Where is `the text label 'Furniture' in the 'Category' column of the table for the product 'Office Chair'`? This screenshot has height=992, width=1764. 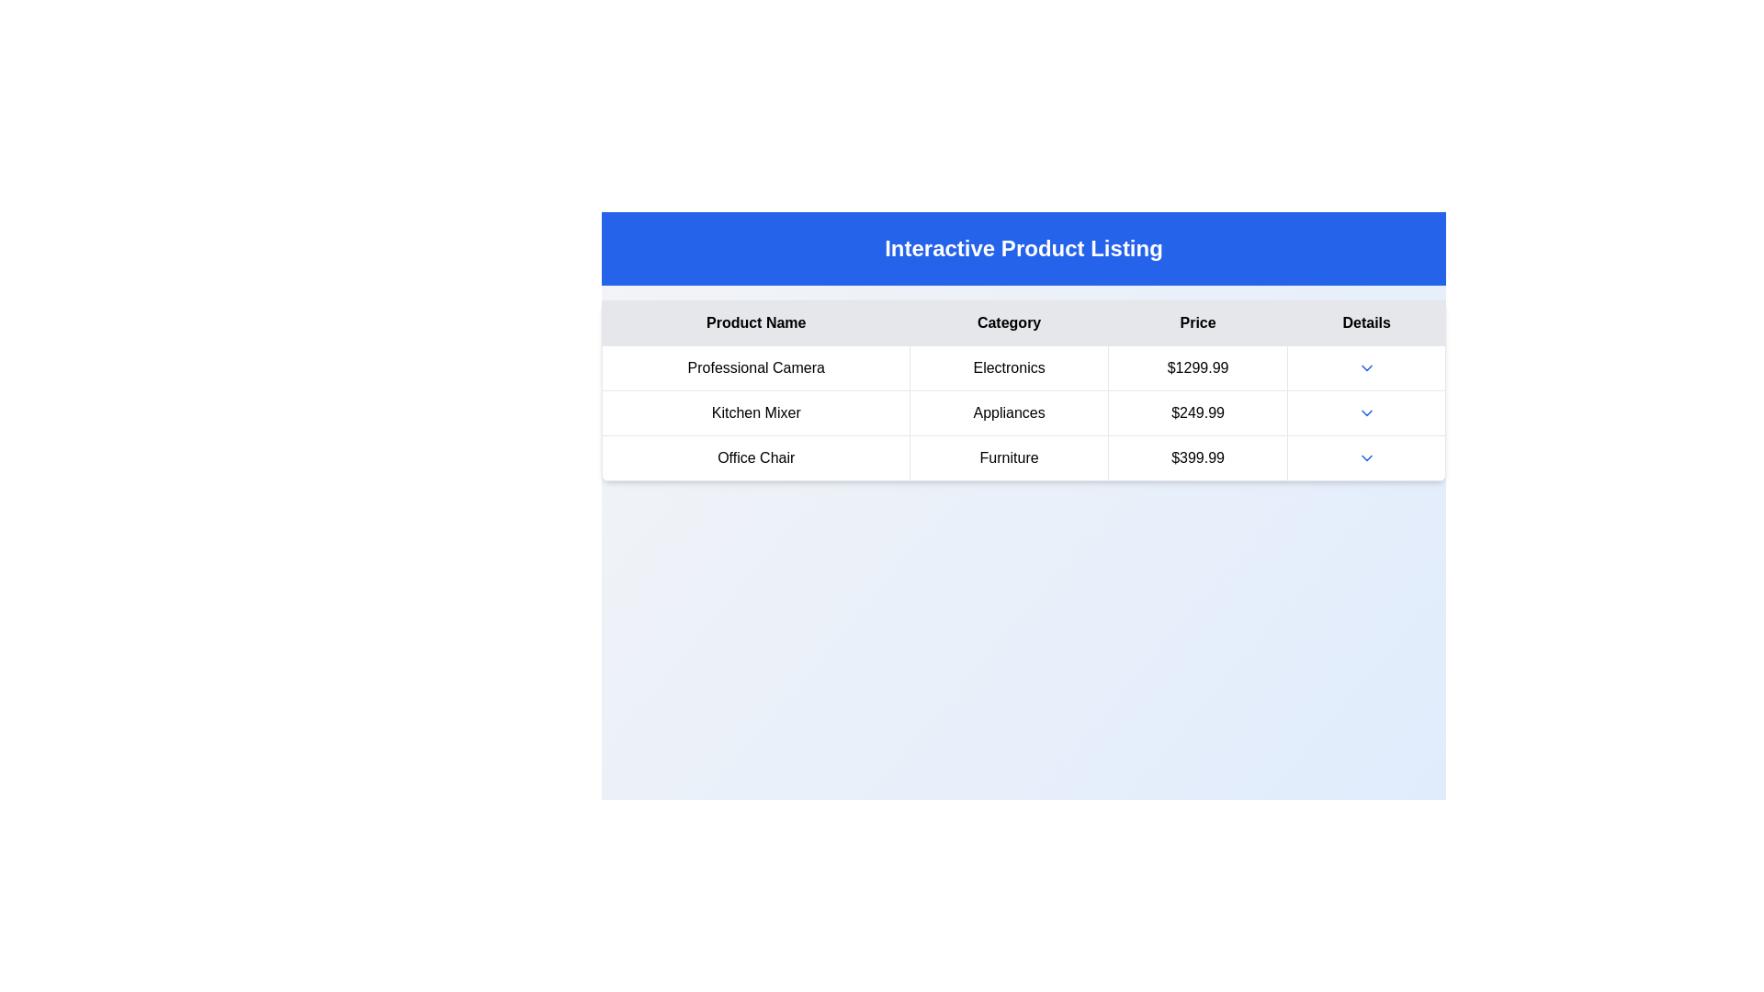
the text label 'Furniture' in the 'Category' column of the table for the product 'Office Chair' is located at coordinates (1008, 457).